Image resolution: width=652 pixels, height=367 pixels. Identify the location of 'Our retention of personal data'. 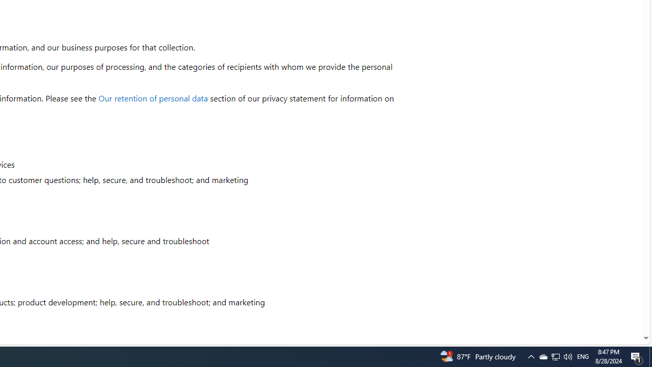
(153, 98).